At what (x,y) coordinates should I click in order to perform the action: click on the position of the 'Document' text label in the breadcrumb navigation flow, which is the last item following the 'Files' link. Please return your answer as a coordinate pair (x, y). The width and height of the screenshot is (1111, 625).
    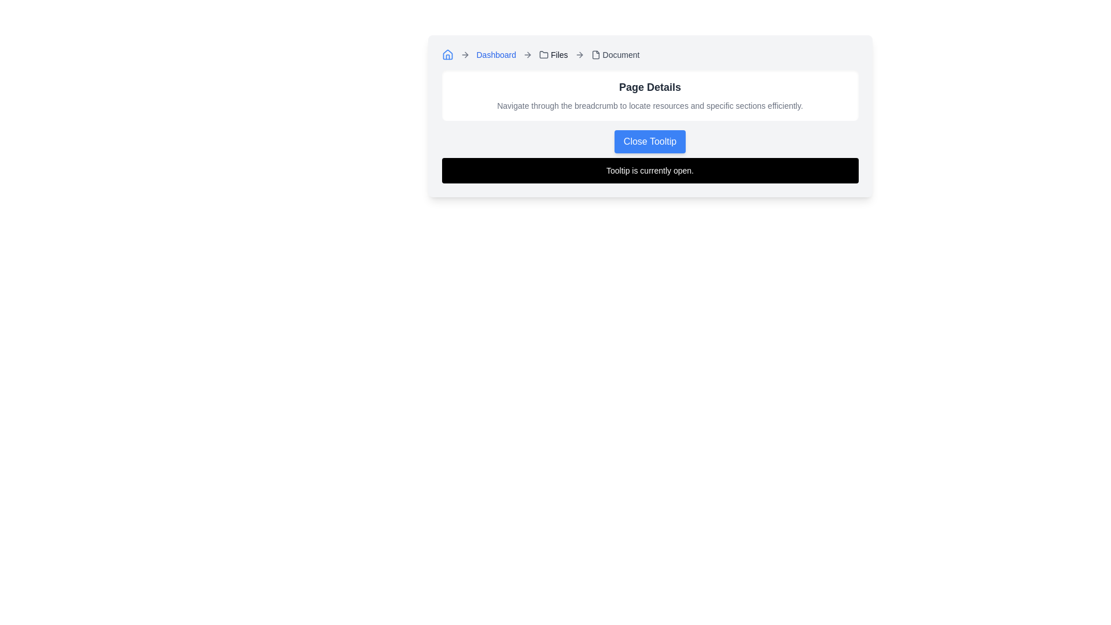
    Looking at the image, I should click on (620, 55).